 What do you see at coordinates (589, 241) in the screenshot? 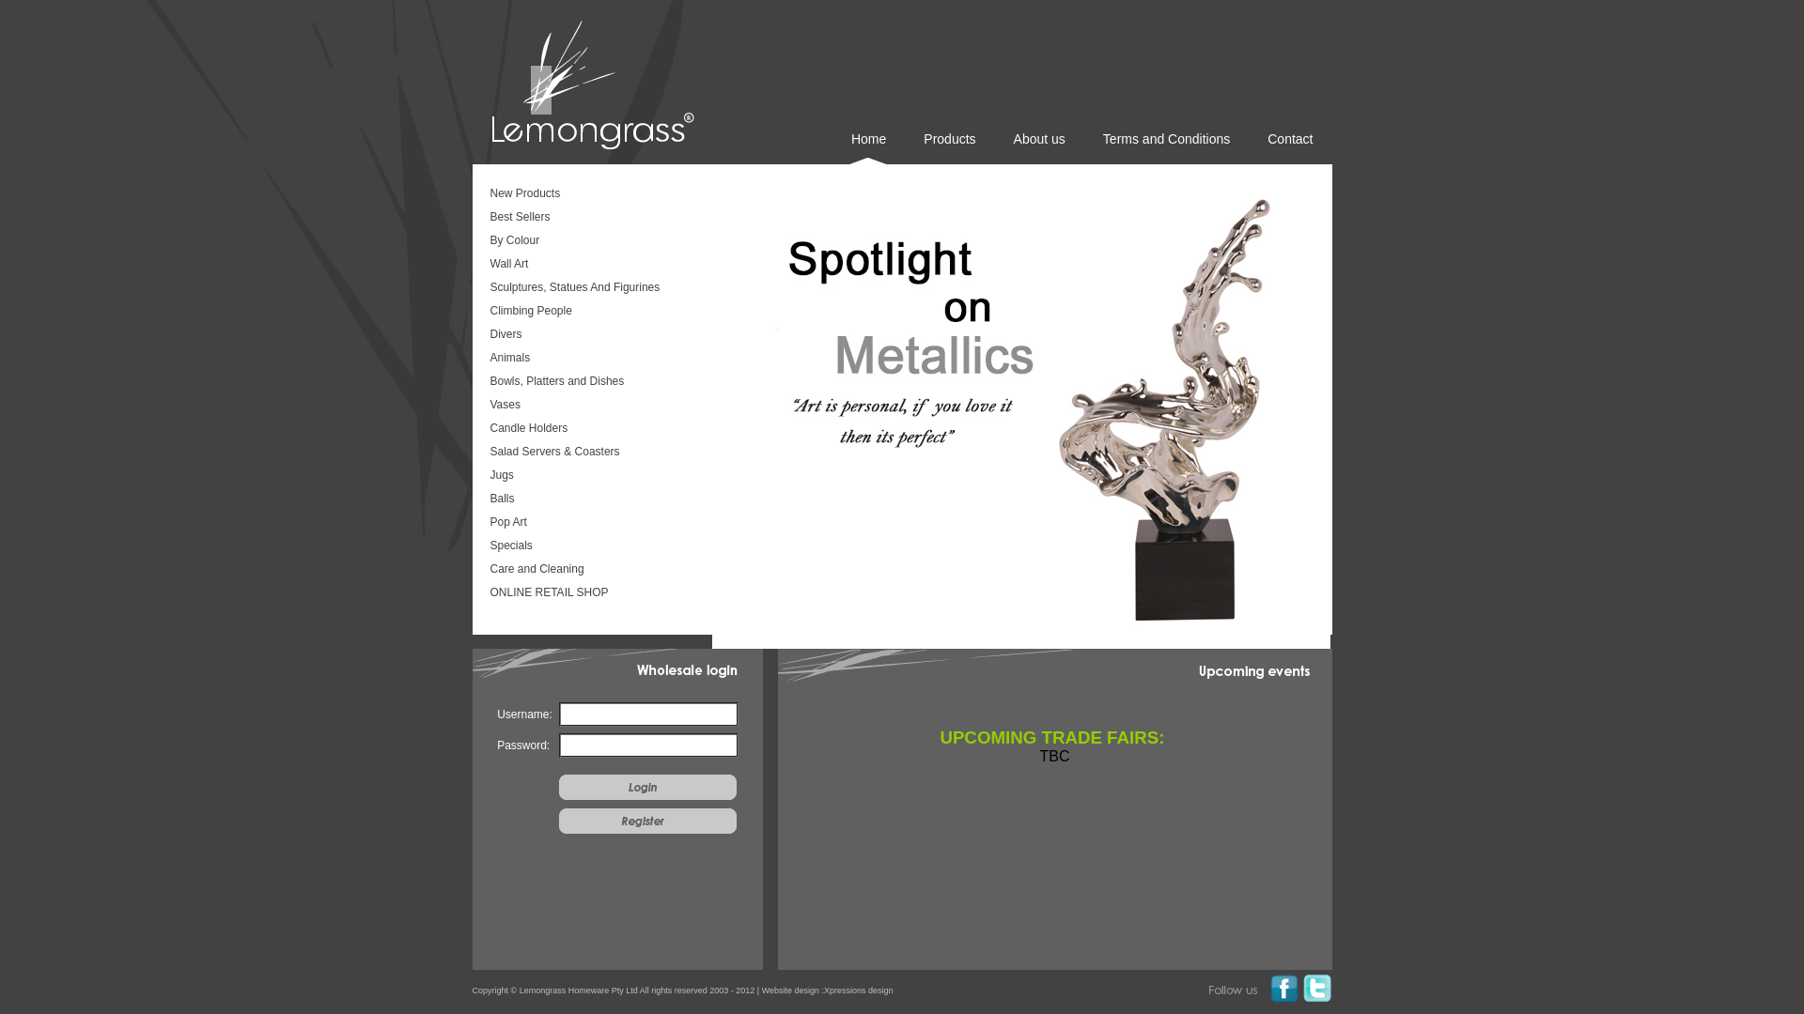
I see `'By Colour'` at bounding box center [589, 241].